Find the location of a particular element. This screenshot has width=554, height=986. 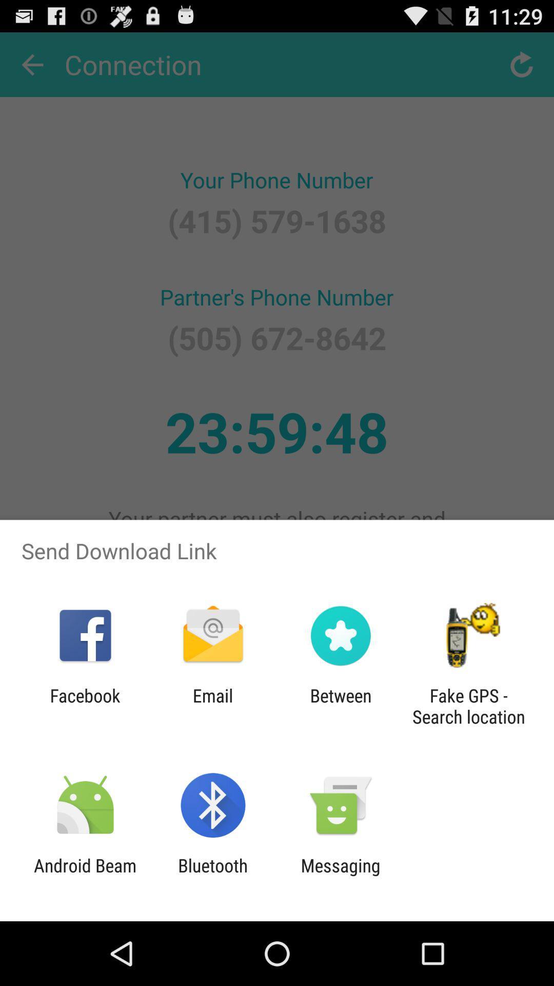

messaging is located at coordinates (341, 876).